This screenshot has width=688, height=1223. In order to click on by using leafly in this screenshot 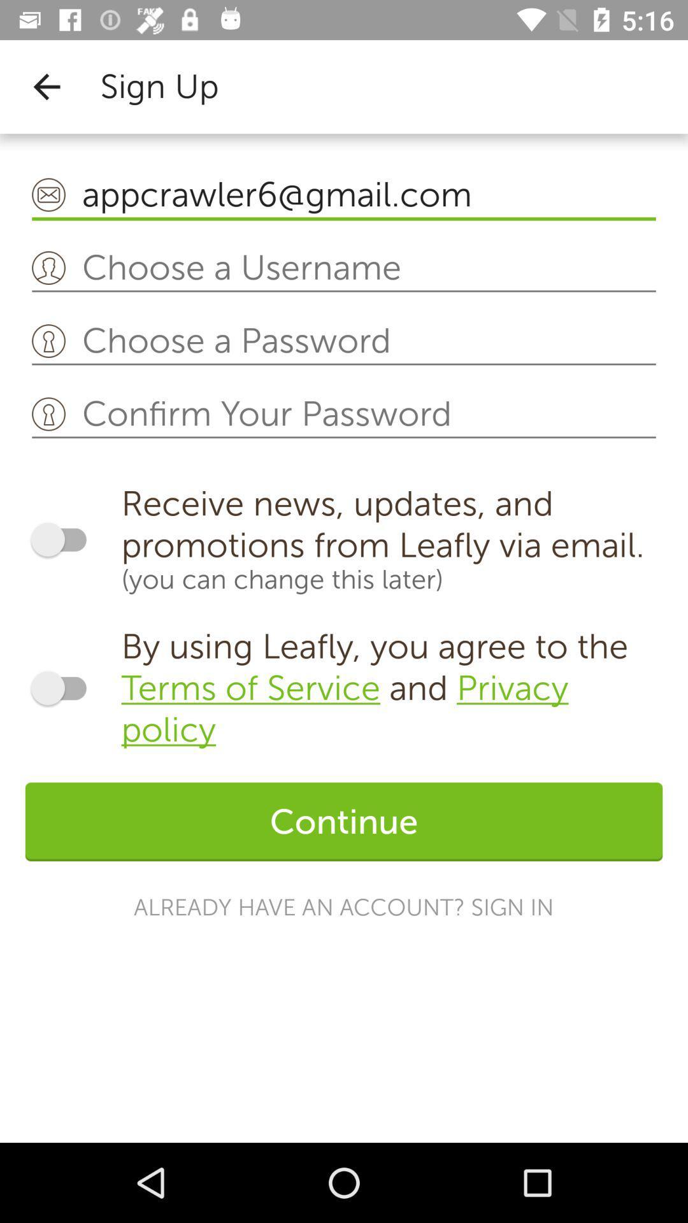, I will do `click(391, 687)`.